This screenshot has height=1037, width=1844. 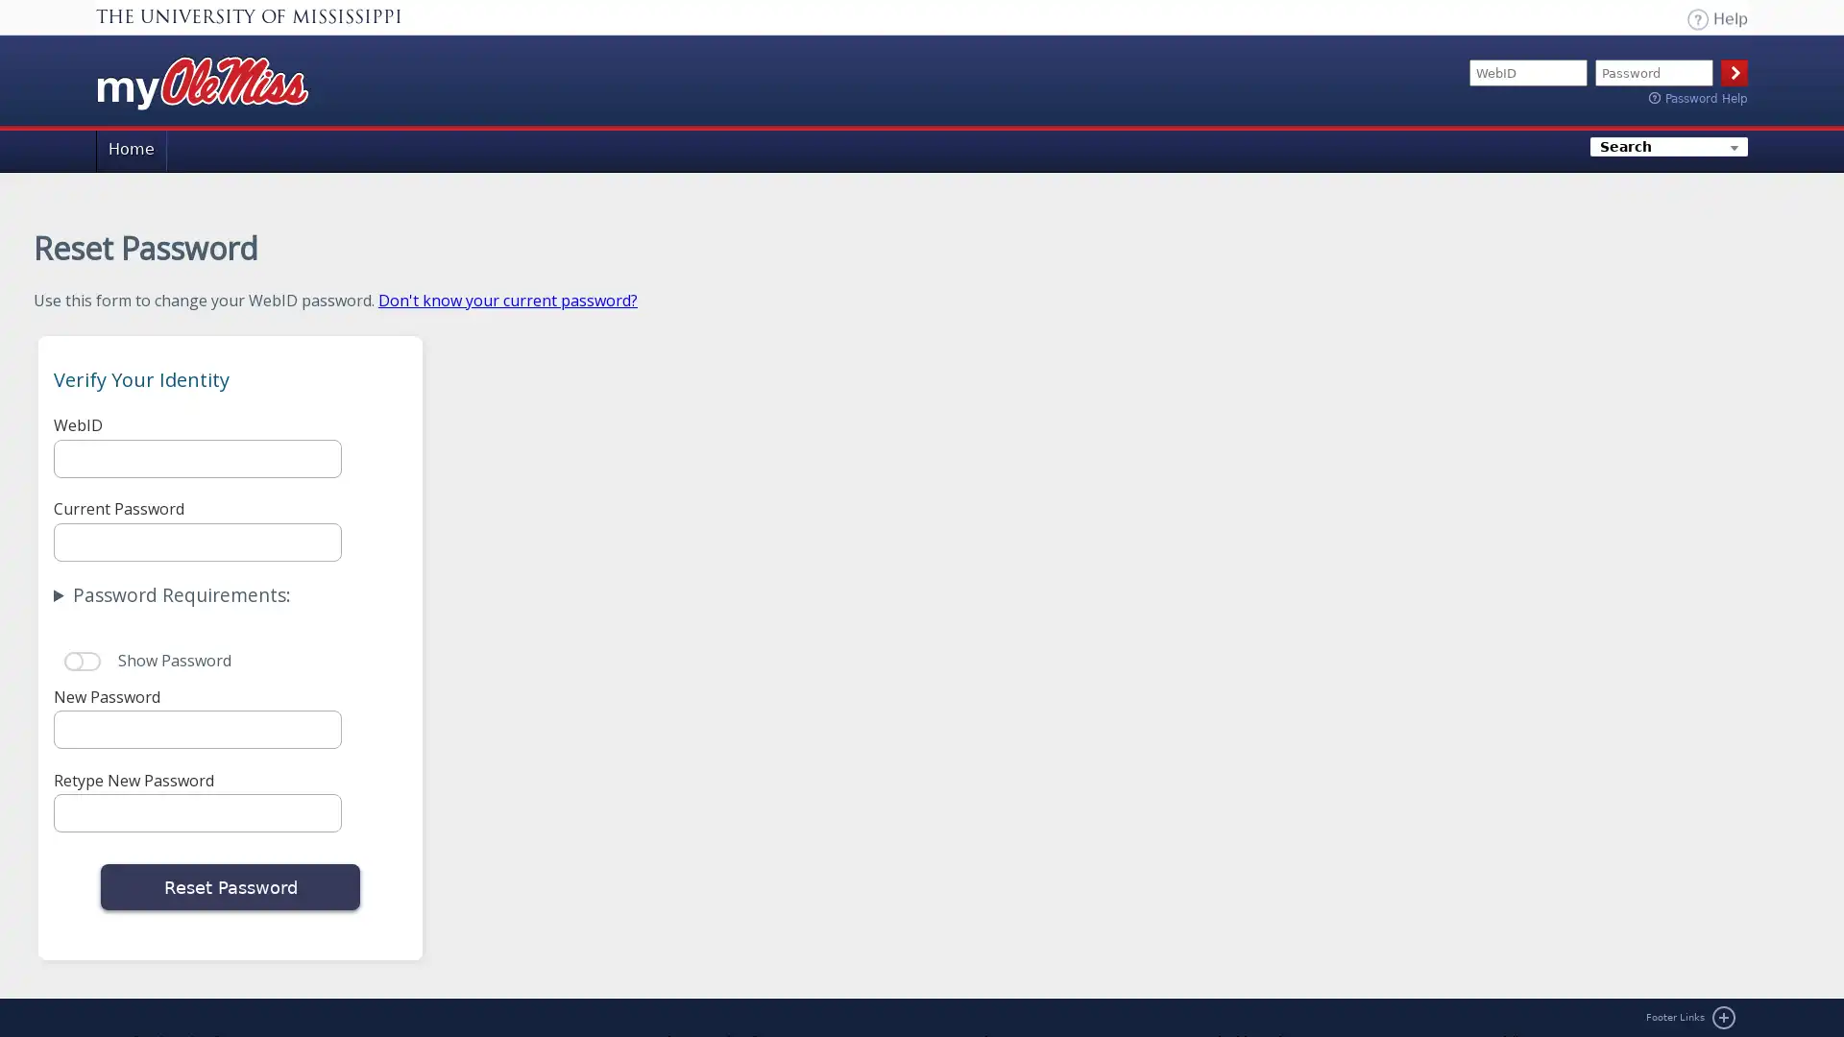 I want to click on Log In, so click(x=1734, y=72).